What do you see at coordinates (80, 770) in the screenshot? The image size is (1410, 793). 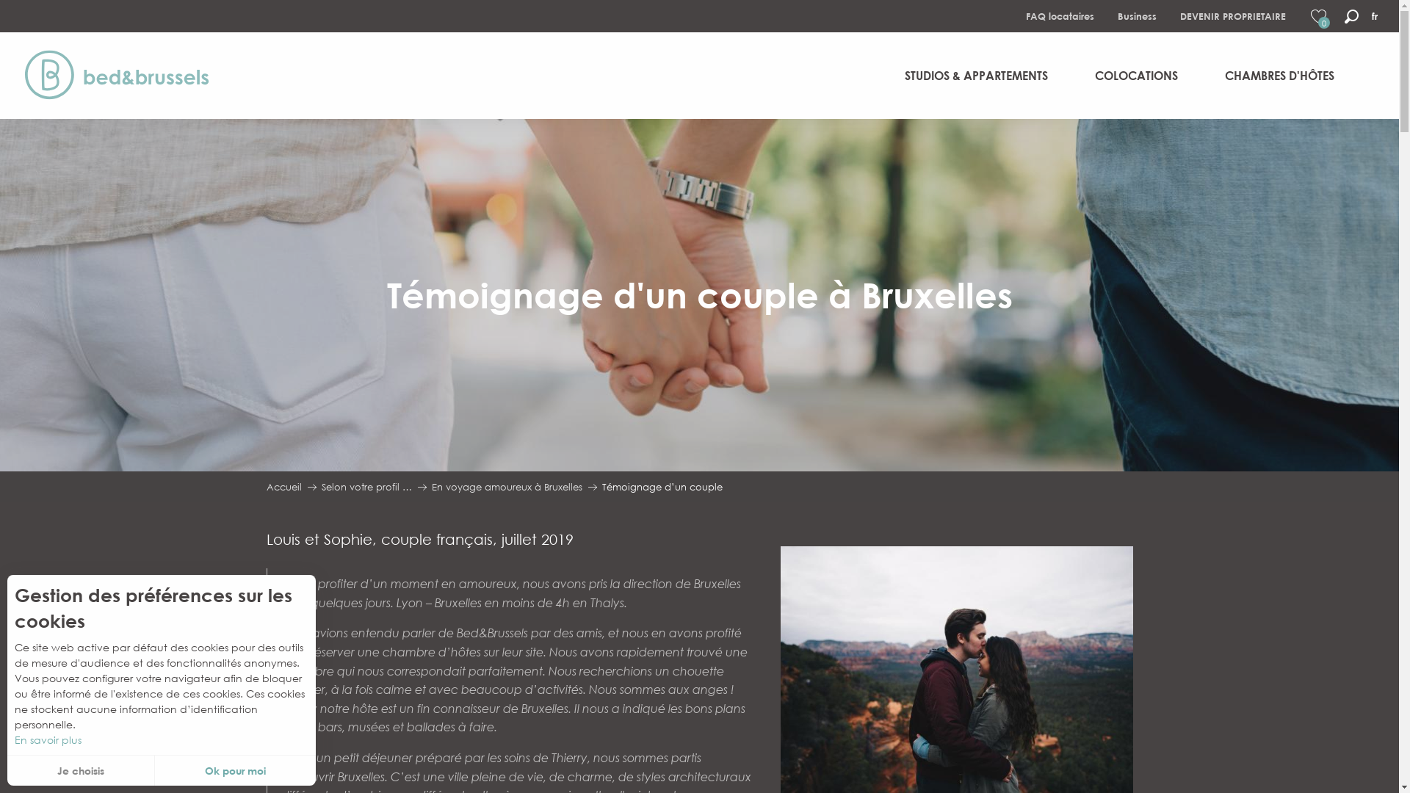 I see `'Je choisis'` at bounding box center [80, 770].